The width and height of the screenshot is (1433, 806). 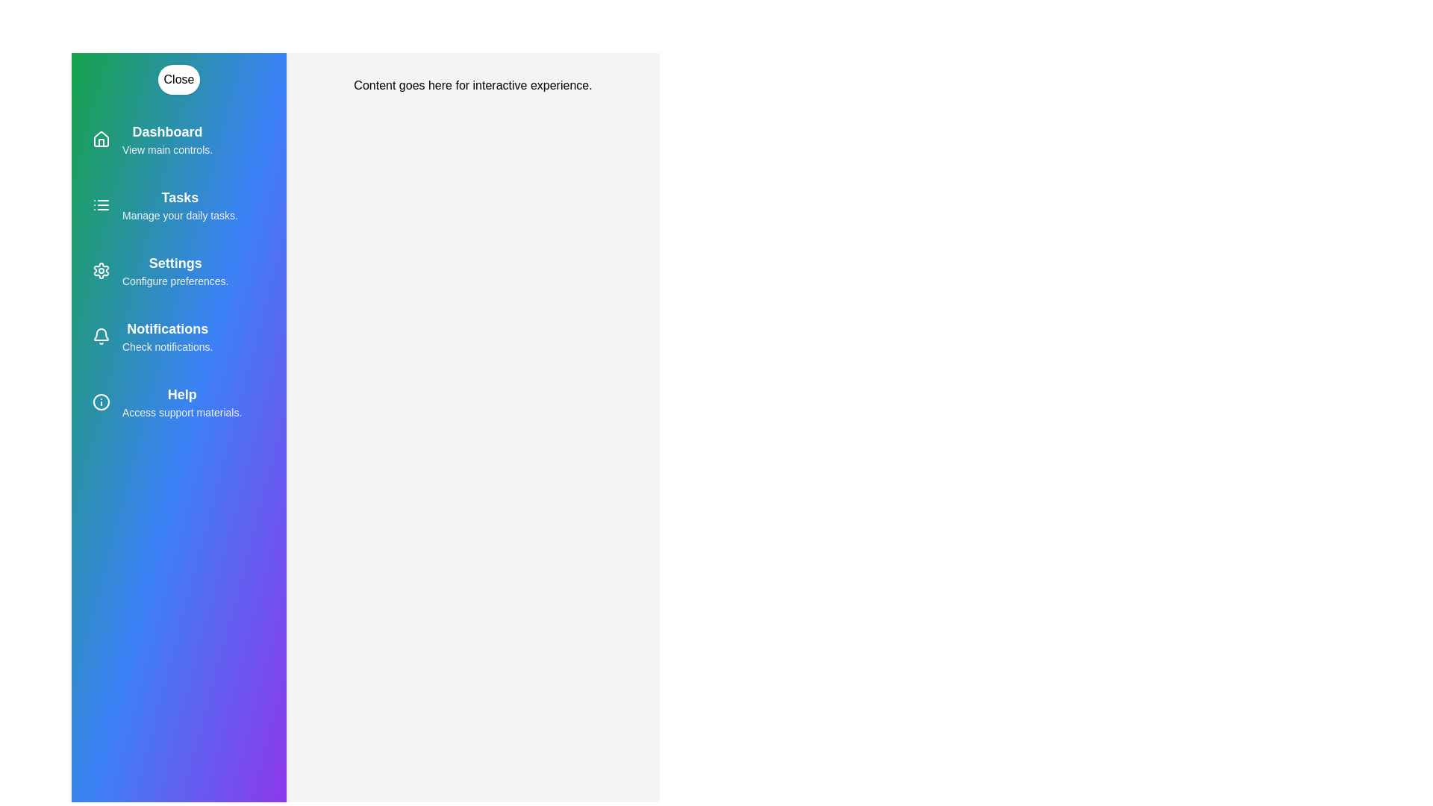 I want to click on the menu item labeled Help to navigate, so click(x=179, y=402).